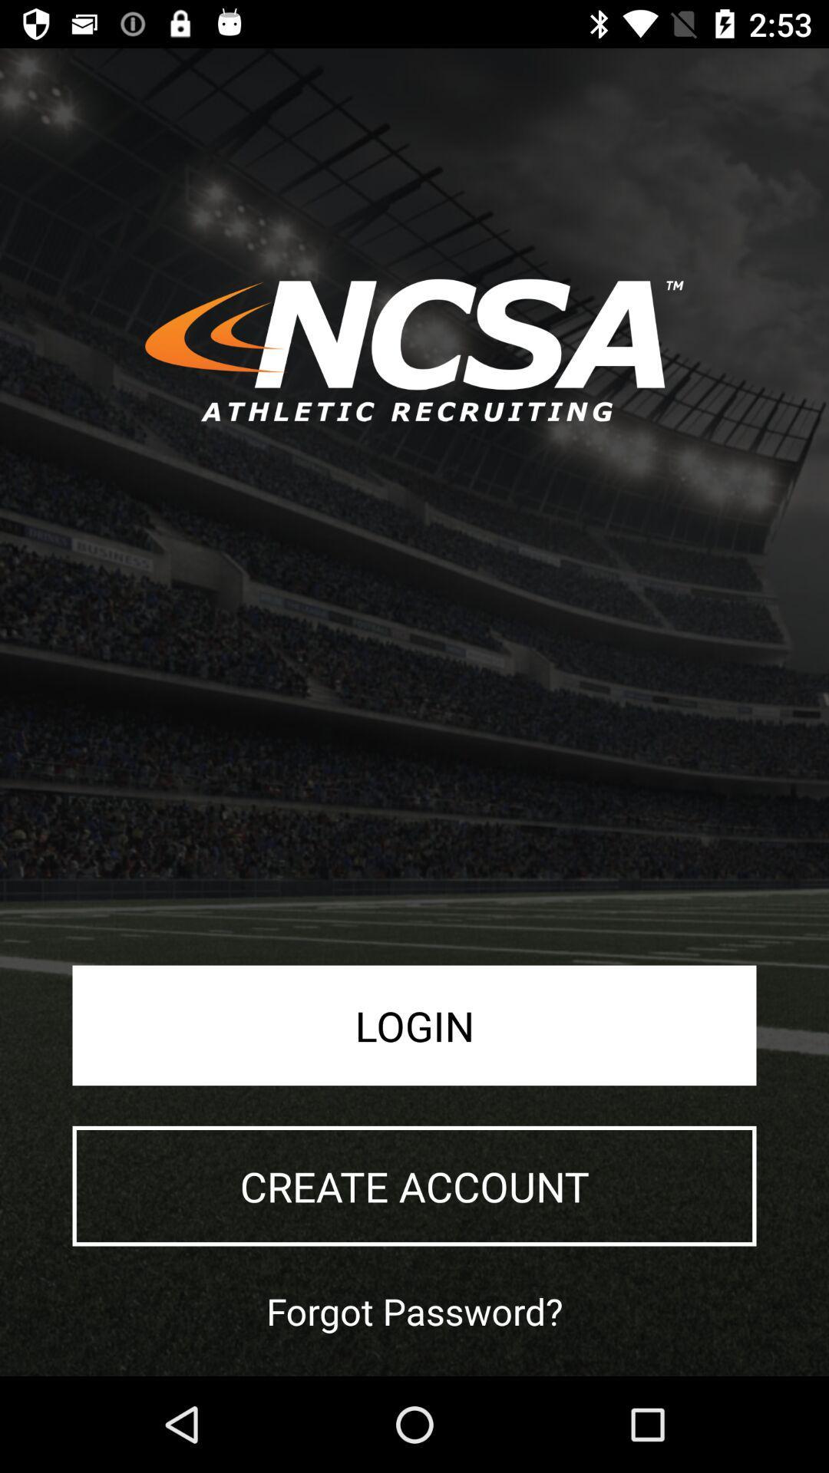 The width and height of the screenshot is (829, 1473). I want to click on the app below login app, so click(414, 1185).